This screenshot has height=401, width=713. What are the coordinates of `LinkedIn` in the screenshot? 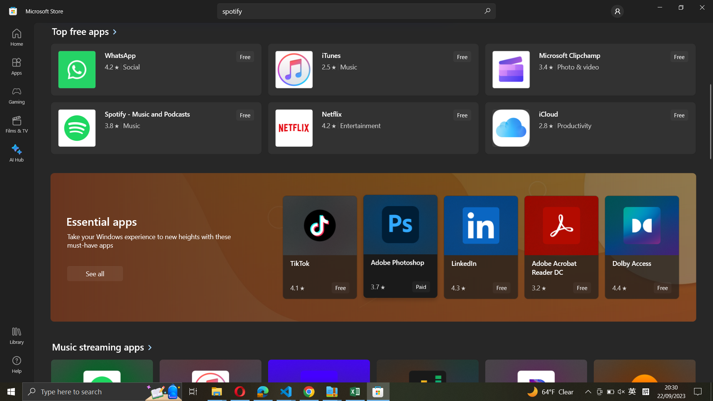 It's located at (481, 248).